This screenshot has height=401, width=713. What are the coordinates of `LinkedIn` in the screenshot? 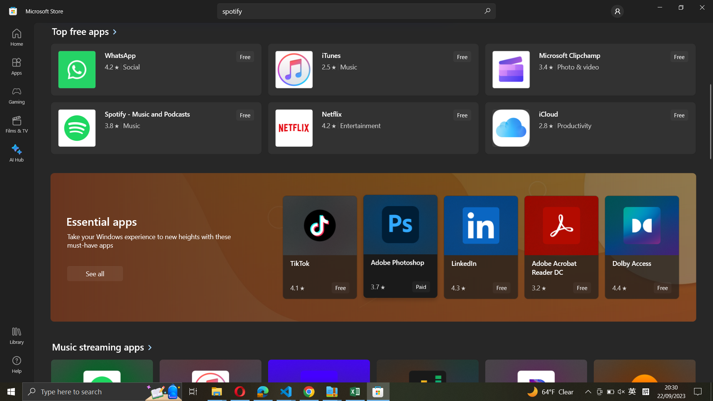 It's located at (481, 248).